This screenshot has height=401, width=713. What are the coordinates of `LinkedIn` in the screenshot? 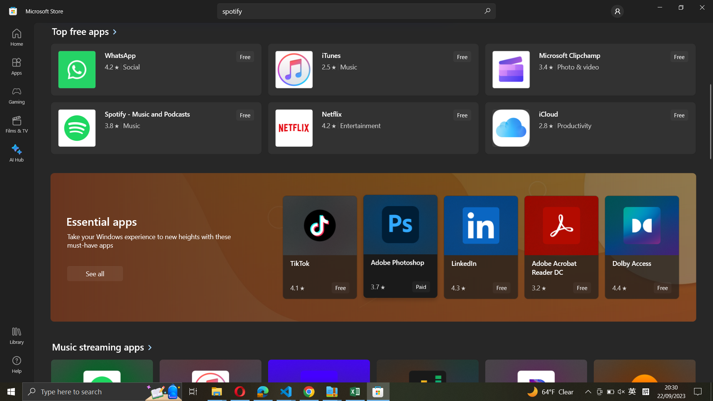 It's located at (481, 248).